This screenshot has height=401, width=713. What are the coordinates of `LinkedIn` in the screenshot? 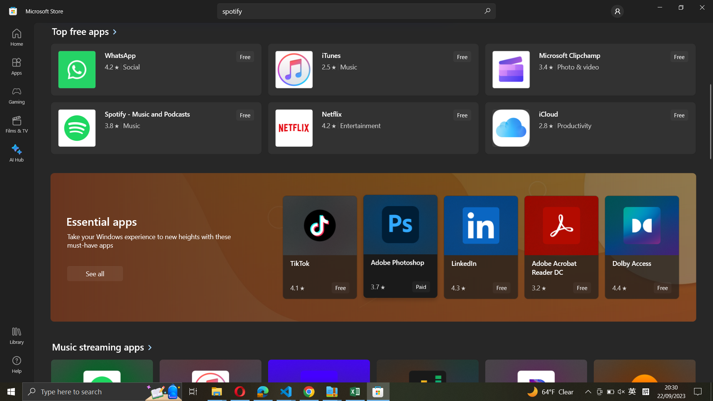 It's located at (481, 248).